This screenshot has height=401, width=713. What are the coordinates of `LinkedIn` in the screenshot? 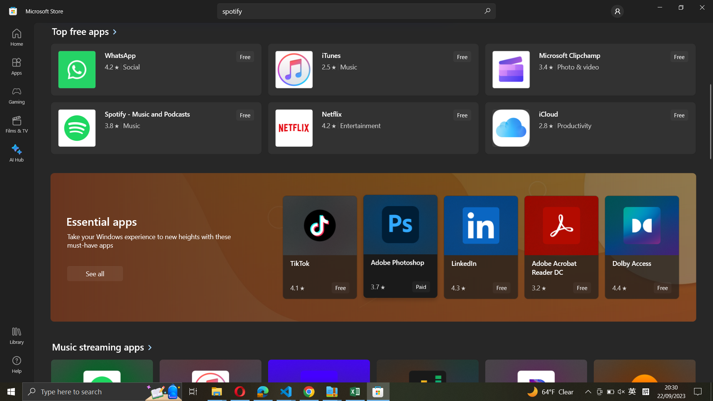 It's located at (481, 248).